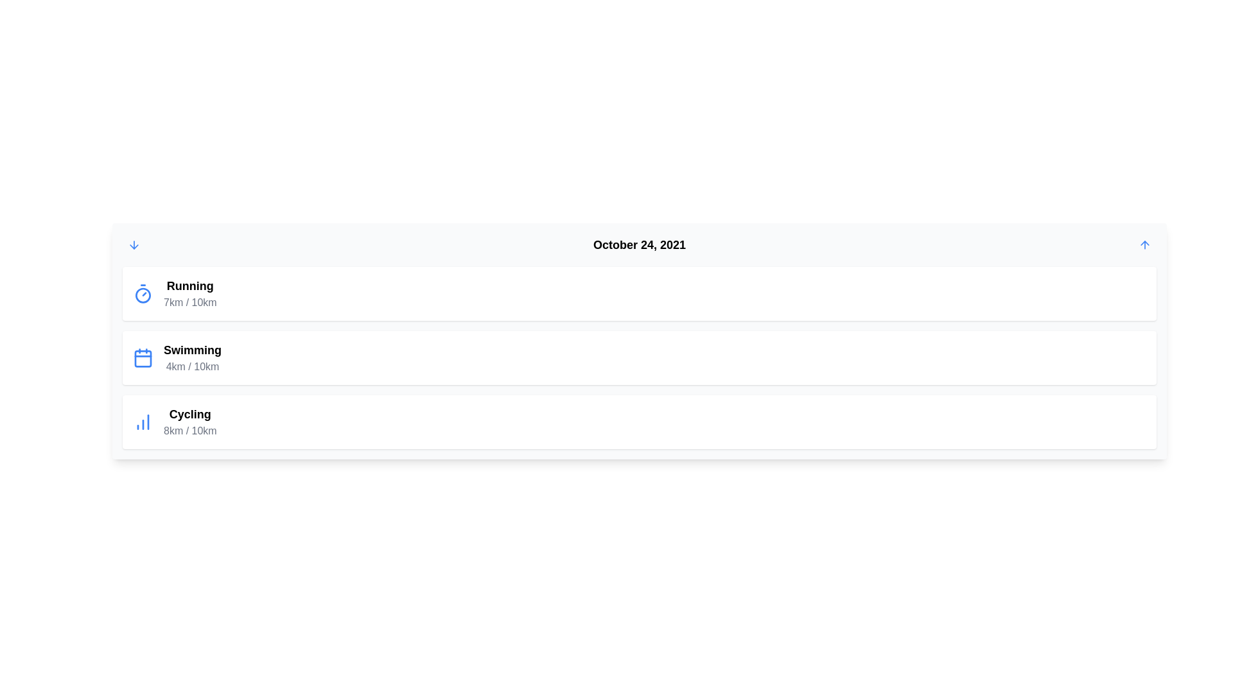  I want to click on the upward arrow icon located at the top-right corner of the panel to observe styling changes, so click(1144, 244).